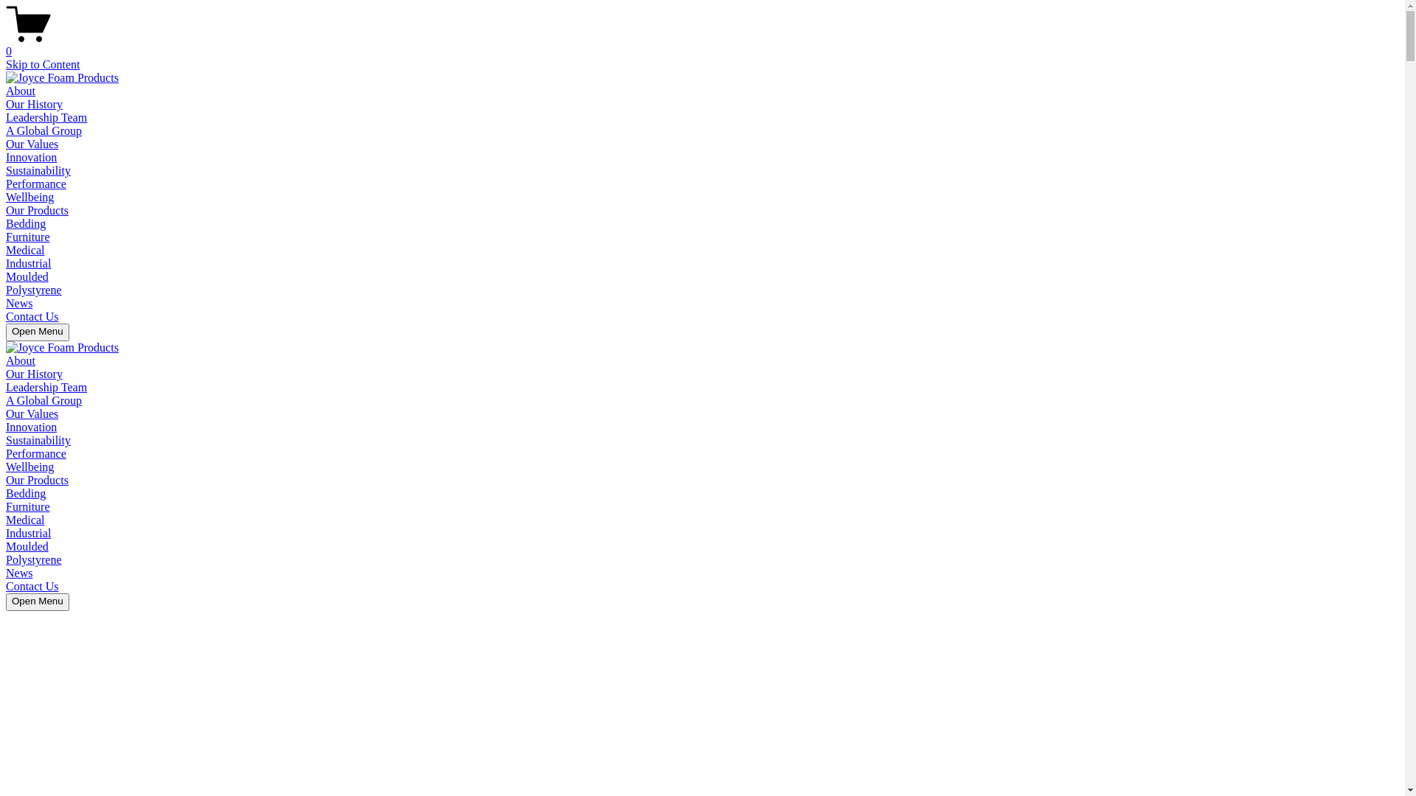  Describe the element at coordinates (34, 290) in the screenshot. I see `'Polystyrene'` at that location.